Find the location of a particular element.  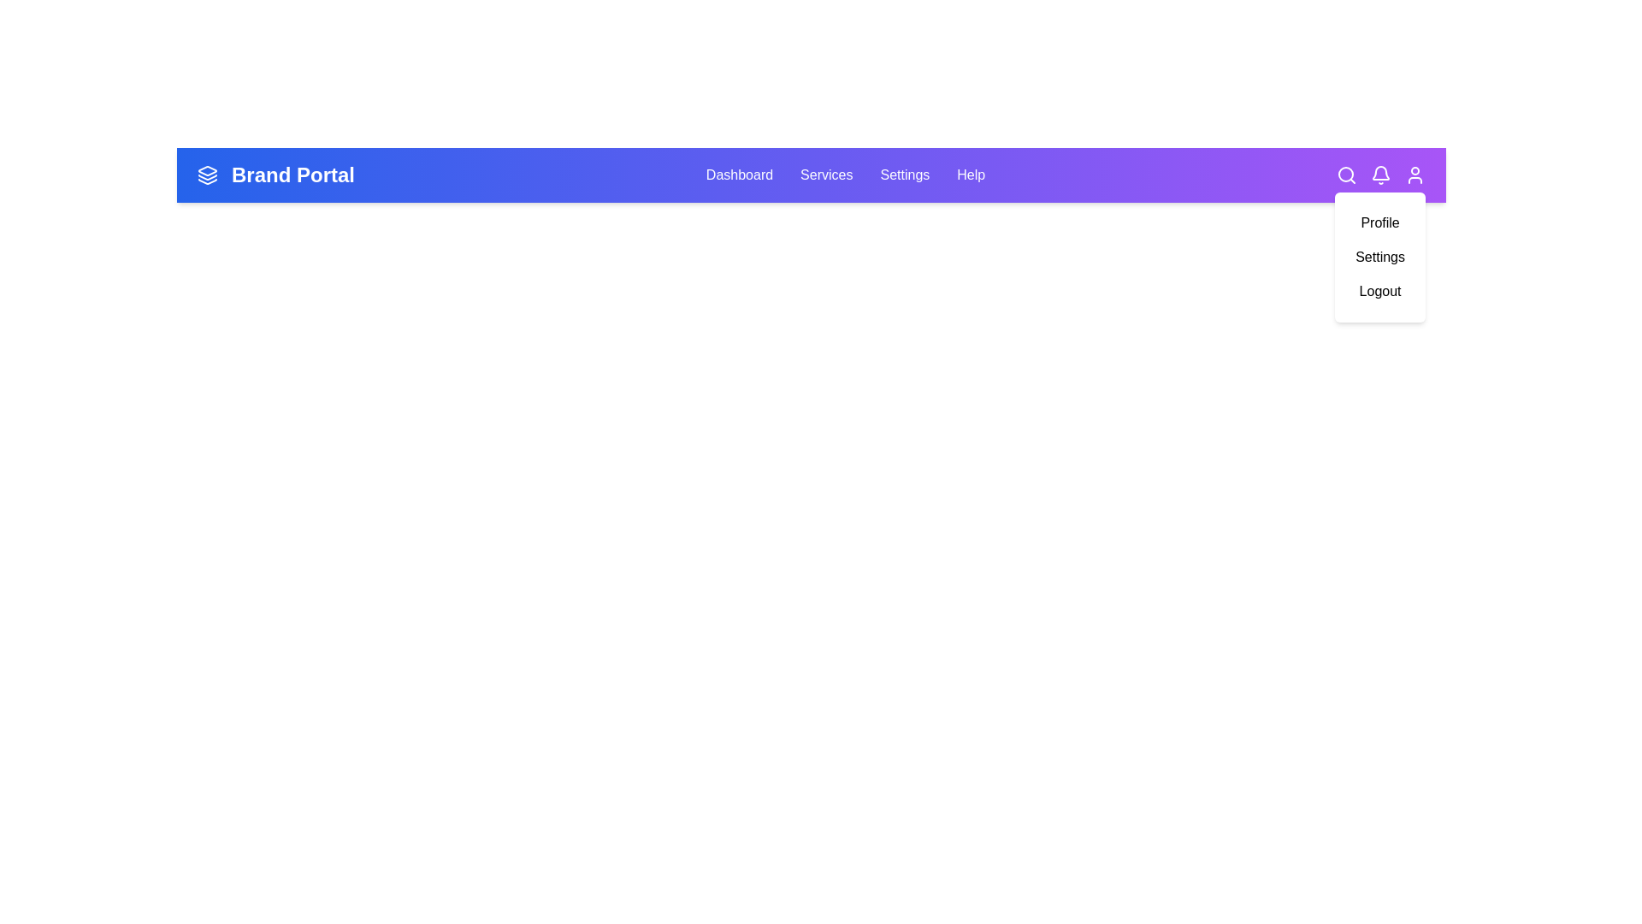

the text label in the navigation bar that serves as the title for the portal, positioned to the right of the layers icon is located at coordinates (293, 175).